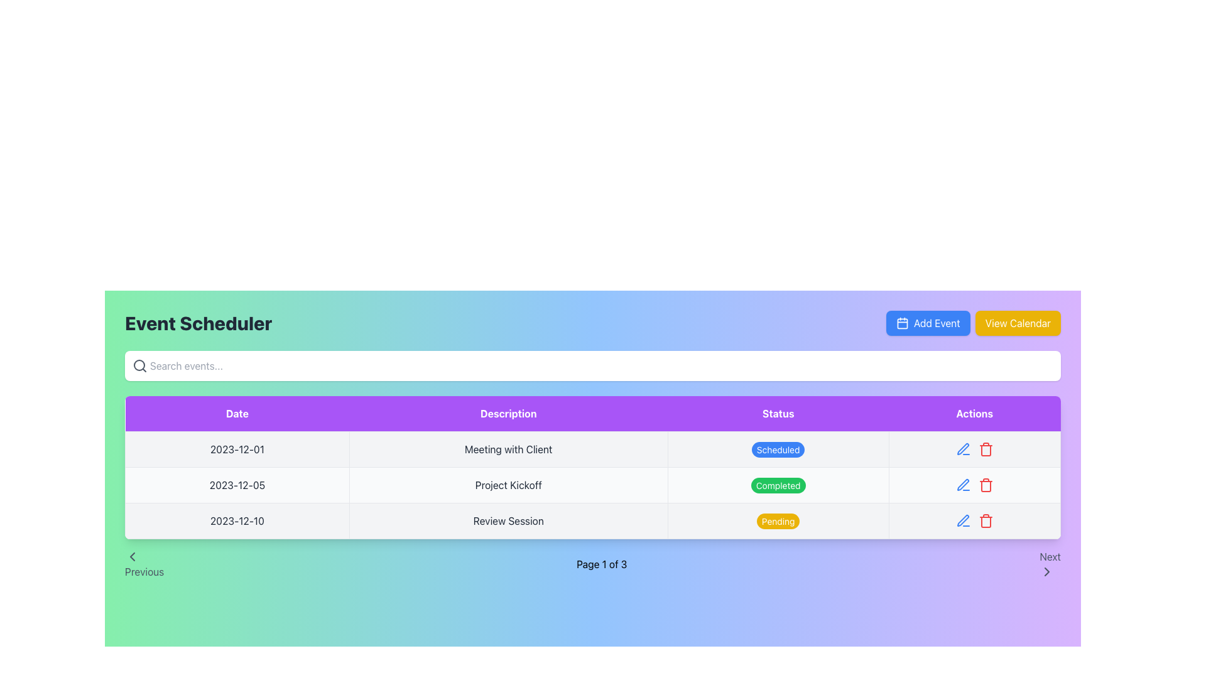 This screenshot has height=678, width=1206. Describe the element at coordinates (962, 520) in the screenshot. I see `the edit icon button in the Actions column of the bottom row of the table` at that location.